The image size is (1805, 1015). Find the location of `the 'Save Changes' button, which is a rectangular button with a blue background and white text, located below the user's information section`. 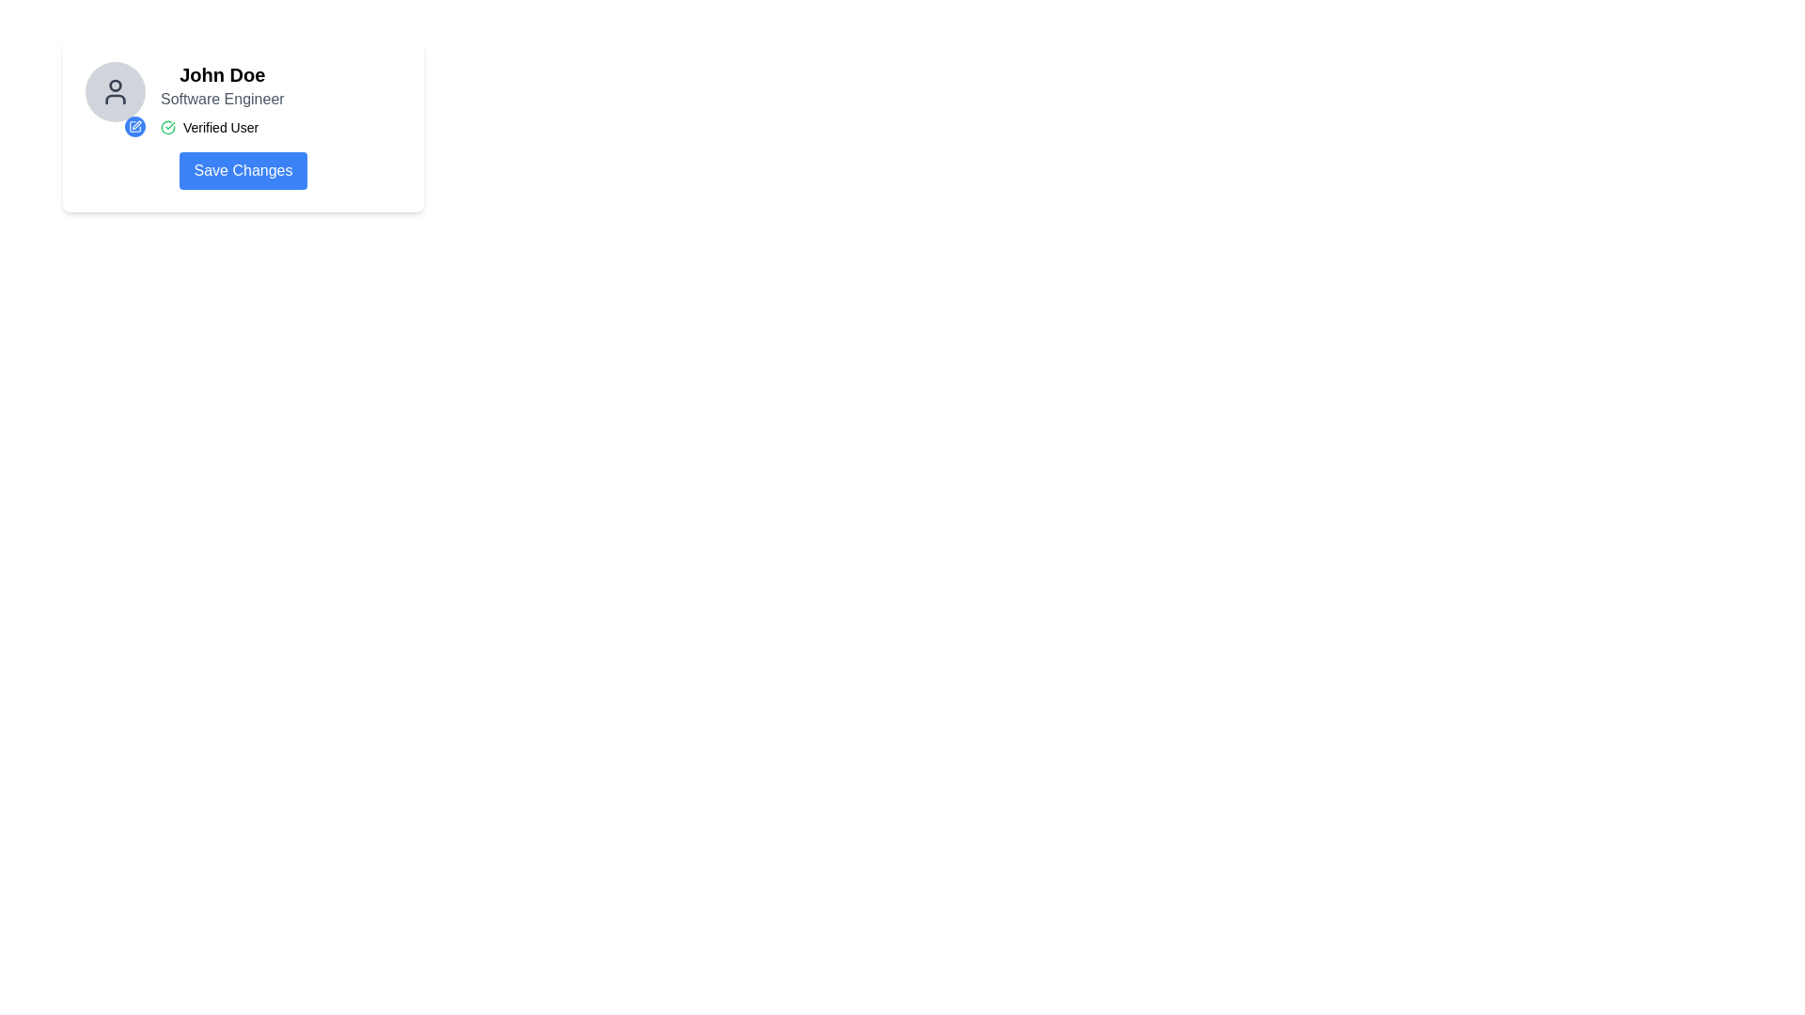

the 'Save Changes' button, which is a rectangular button with a blue background and white text, located below the user's information section is located at coordinates (243, 170).